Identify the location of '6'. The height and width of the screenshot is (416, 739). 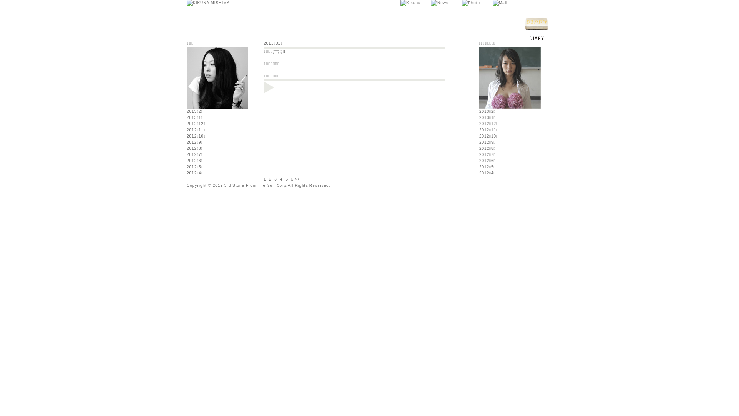
(292, 179).